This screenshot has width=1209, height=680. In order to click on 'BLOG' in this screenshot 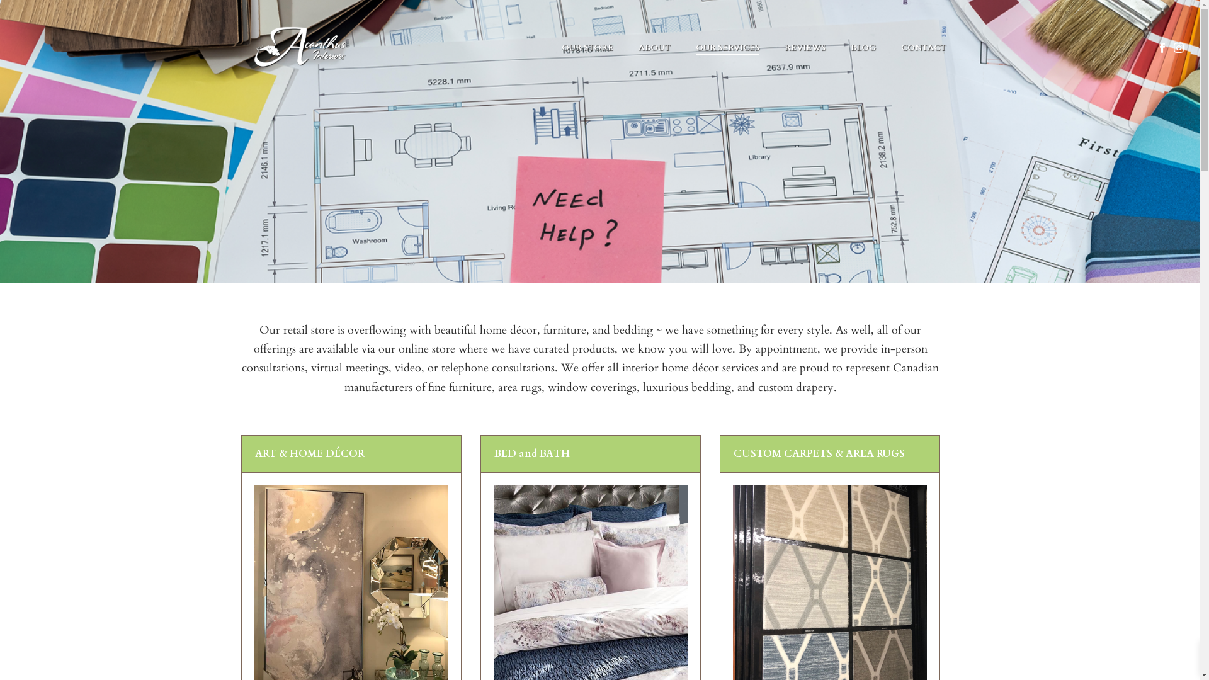, I will do `click(861, 47)`.